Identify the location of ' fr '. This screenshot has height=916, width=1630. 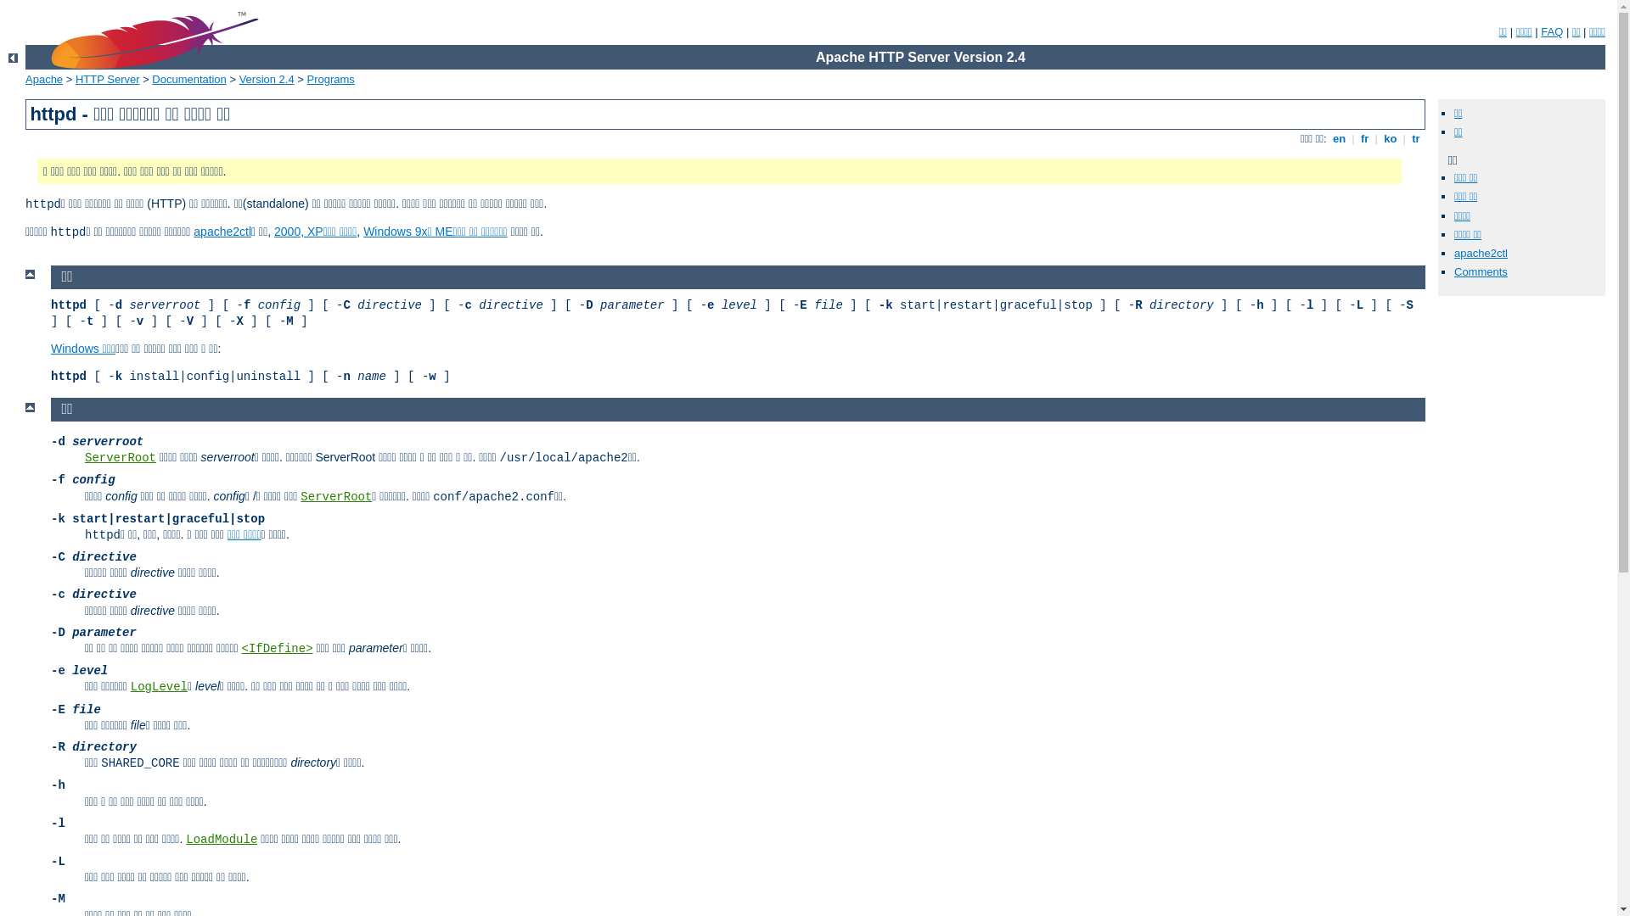
(1356, 137).